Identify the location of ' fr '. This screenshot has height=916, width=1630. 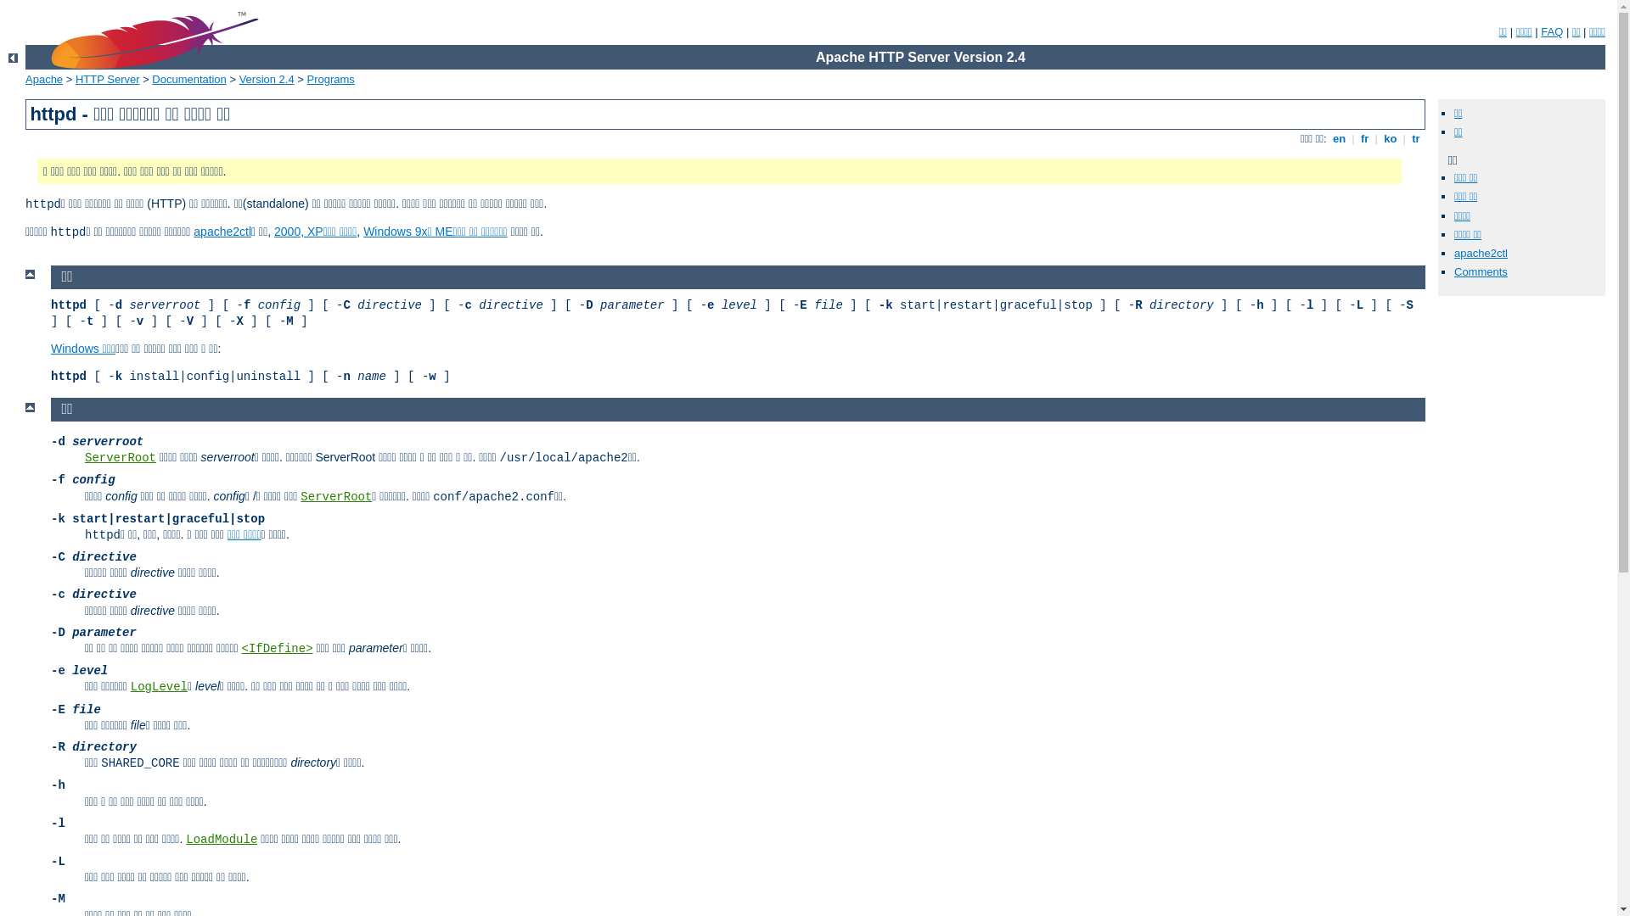
(1356, 137).